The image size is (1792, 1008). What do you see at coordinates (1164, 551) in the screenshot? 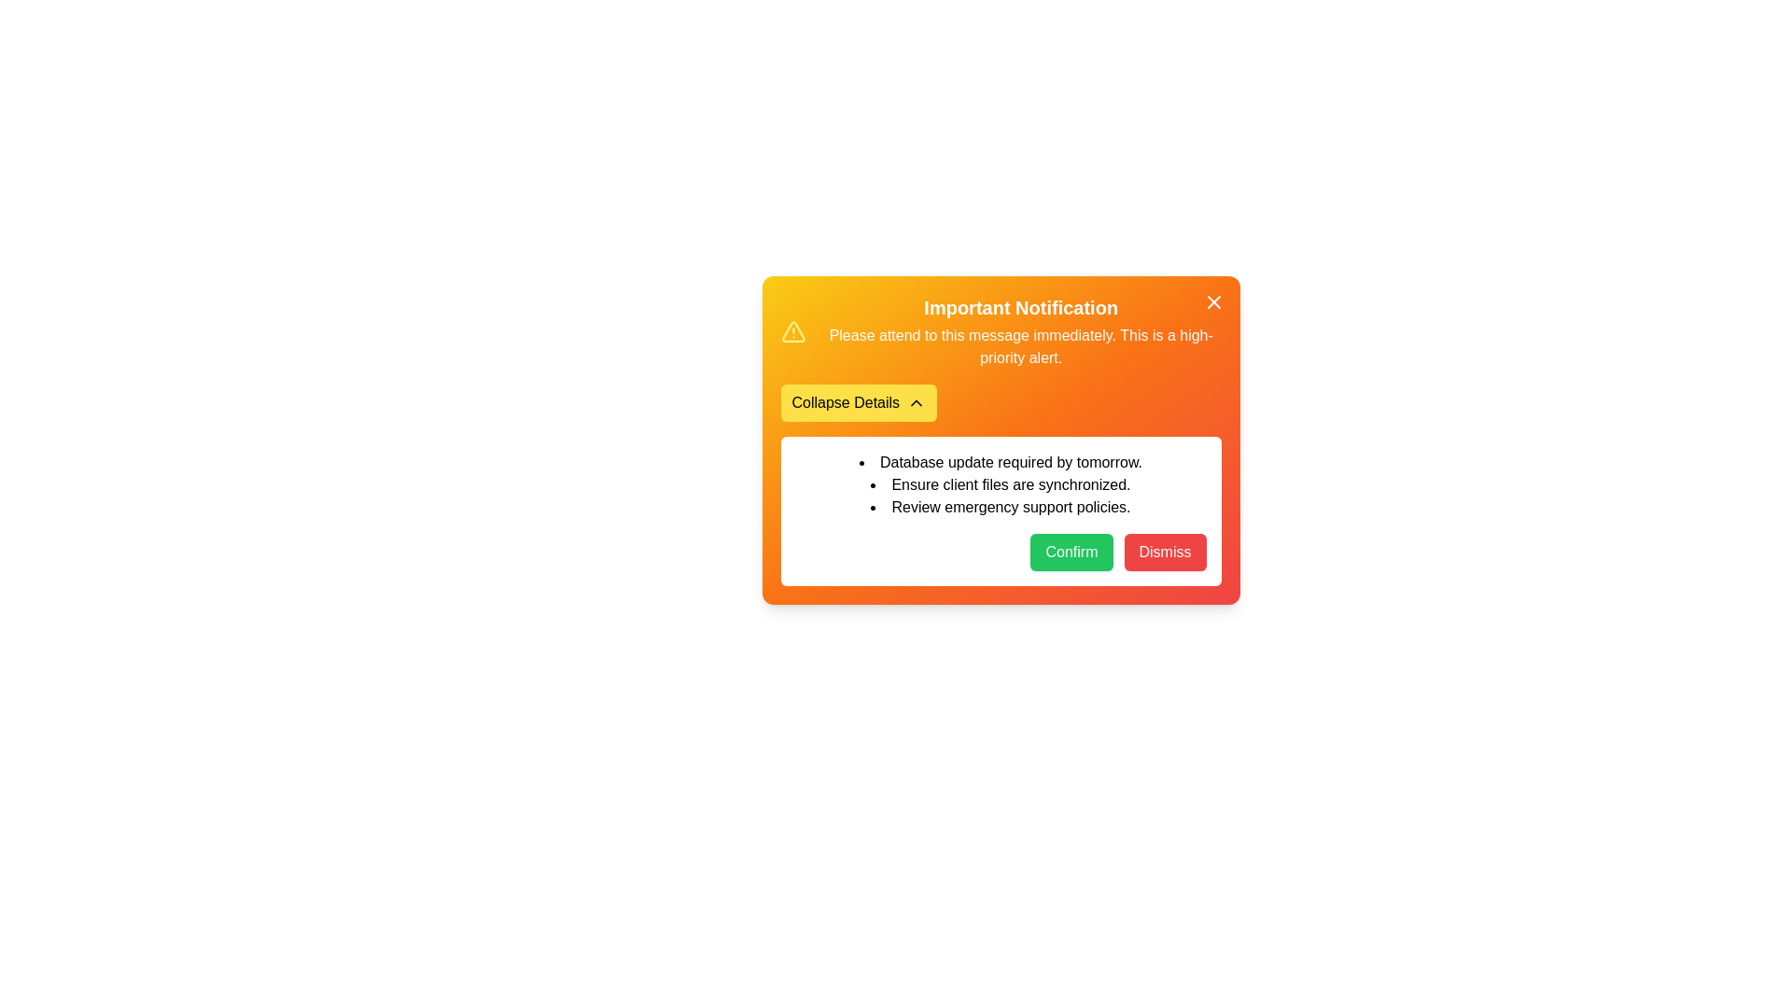
I see `'Dismiss' button to dismiss the notification` at bounding box center [1164, 551].